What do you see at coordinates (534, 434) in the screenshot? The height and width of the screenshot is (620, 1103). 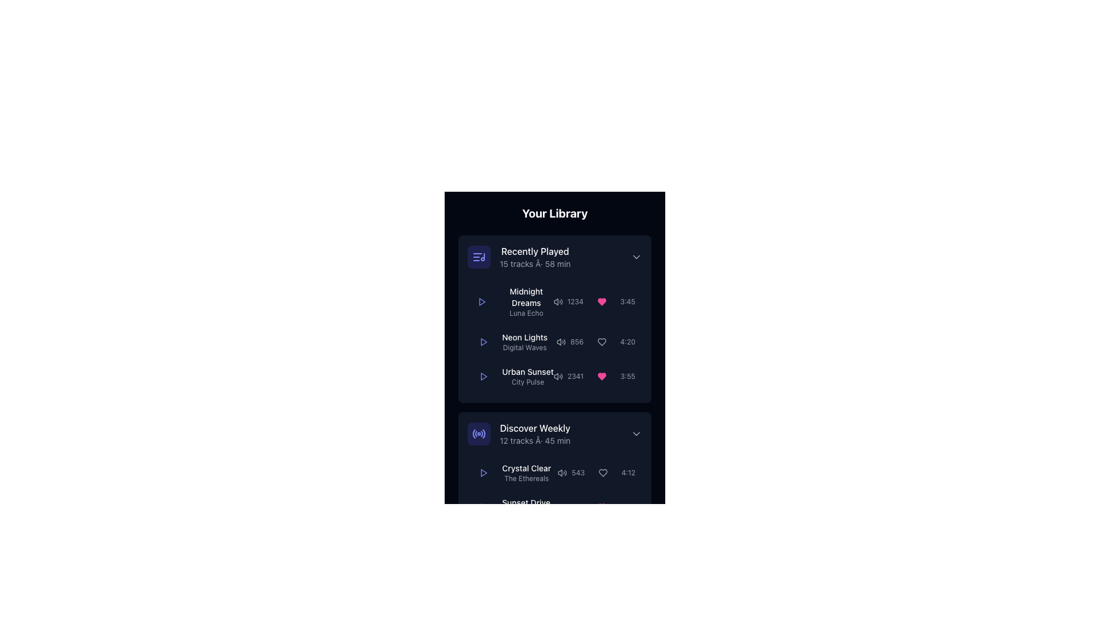 I see `the 'Discover Weekly' text display component` at bounding box center [534, 434].